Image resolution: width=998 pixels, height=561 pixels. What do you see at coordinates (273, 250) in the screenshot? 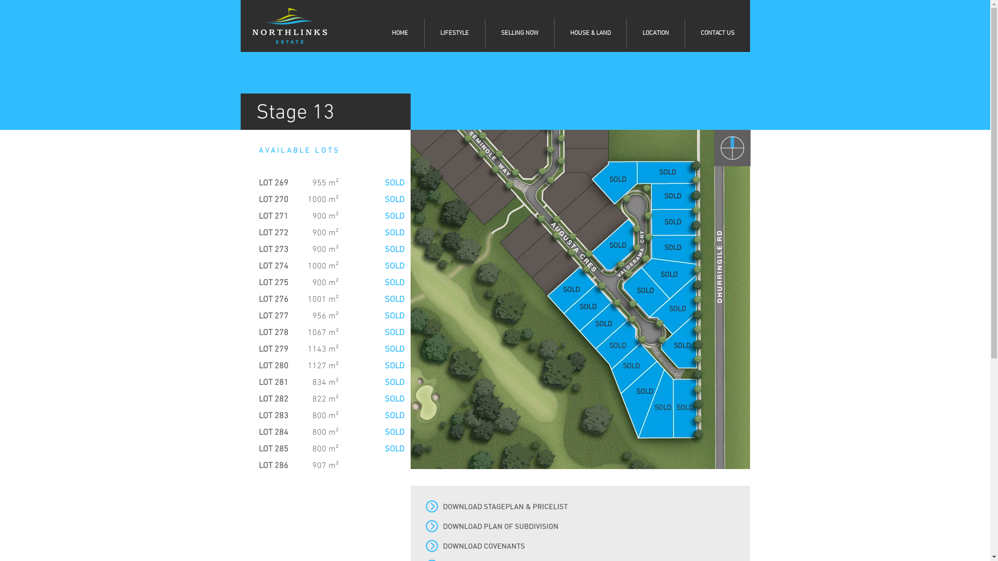
I see `'LOT 273'` at bounding box center [273, 250].